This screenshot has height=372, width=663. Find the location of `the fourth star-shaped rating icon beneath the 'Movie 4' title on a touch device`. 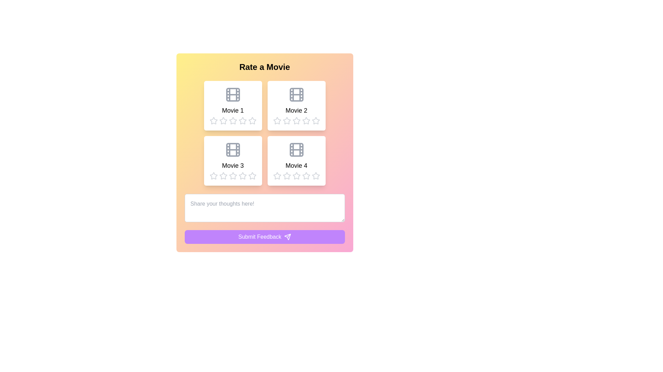

the fourth star-shaped rating icon beneath the 'Movie 4' title on a touch device is located at coordinates (296, 175).